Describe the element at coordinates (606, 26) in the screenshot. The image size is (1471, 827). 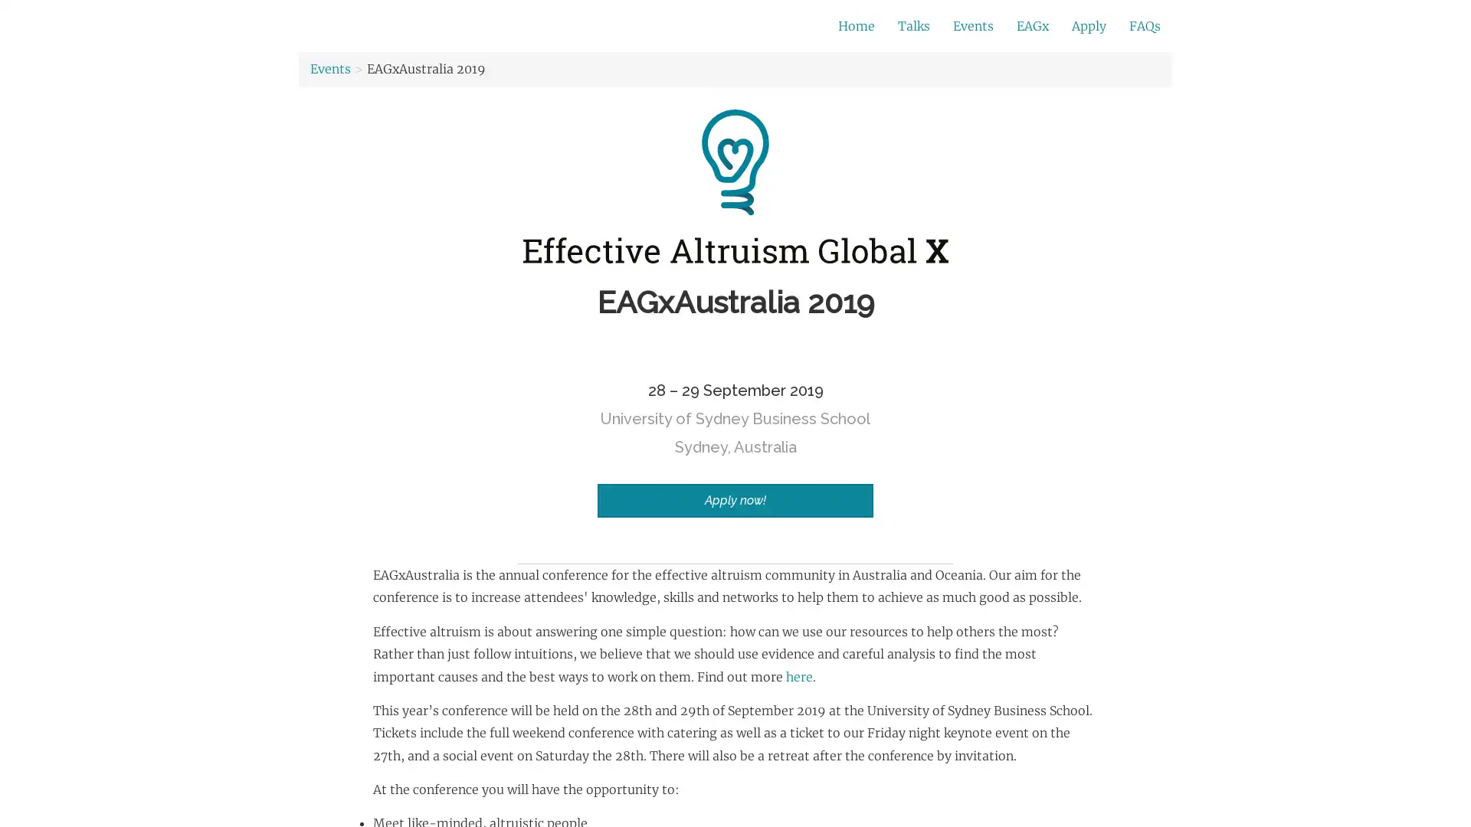
I see `Get occasional emails about effective altruism` at that location.